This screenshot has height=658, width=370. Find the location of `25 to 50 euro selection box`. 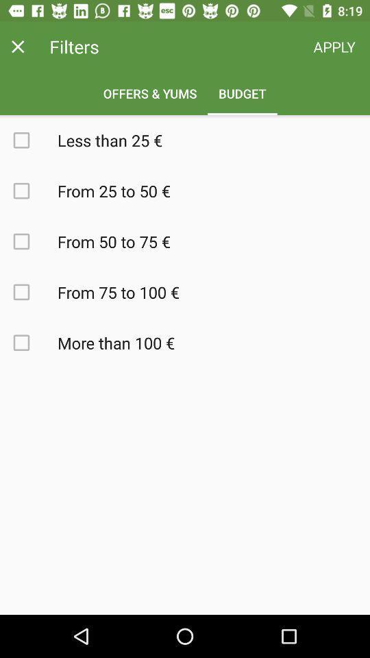

25 to 50 euro selection box is located at coordinates (29, 190).